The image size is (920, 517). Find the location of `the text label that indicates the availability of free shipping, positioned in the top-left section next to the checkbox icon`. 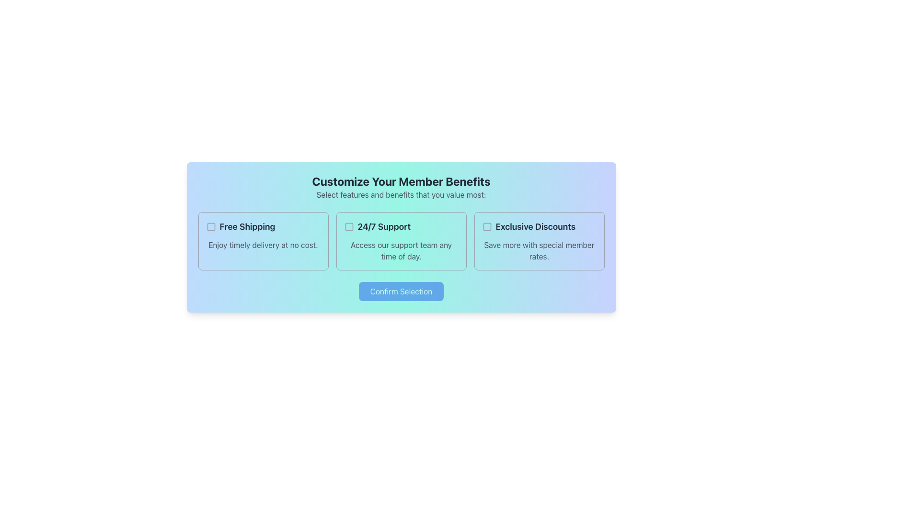

the text label that indicates the availability of free shipping, positioned in the top-left section next to the checkbox icon is located at coordinates (247, 227).